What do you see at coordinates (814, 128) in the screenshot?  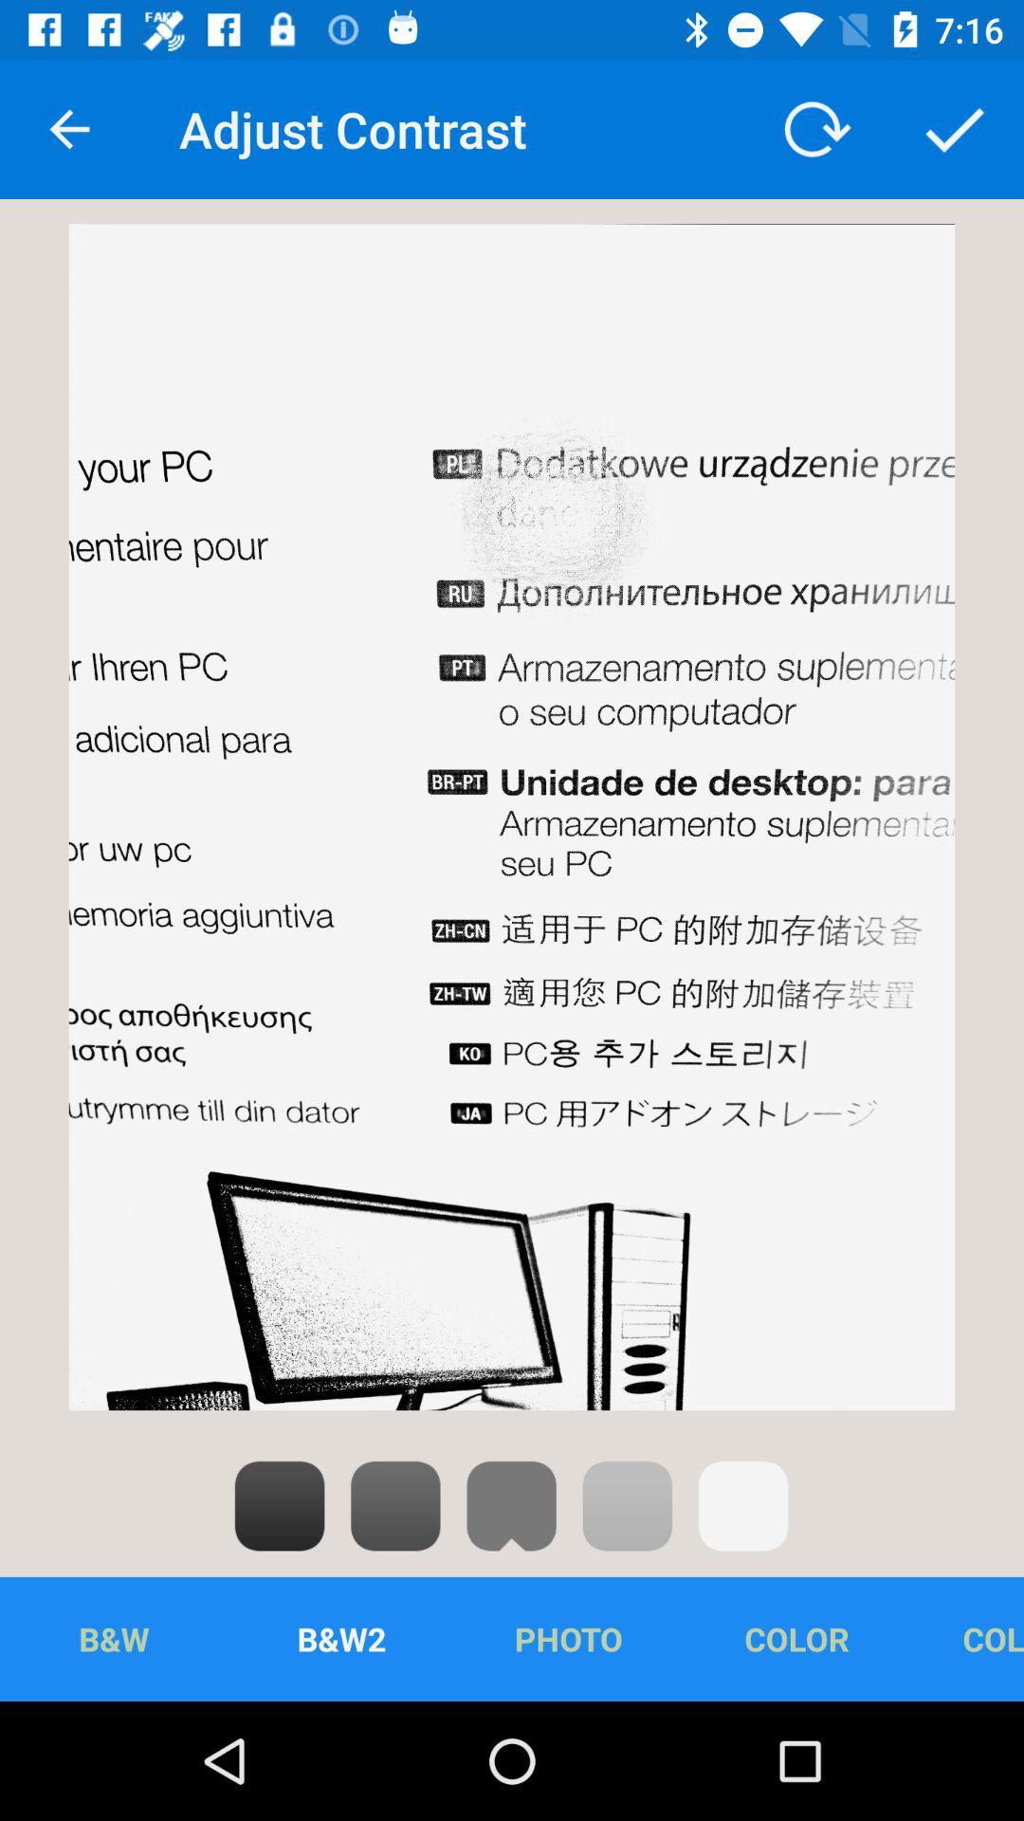 I see `icon to the right of the adjust contrast` at bounding box center [814, 128].